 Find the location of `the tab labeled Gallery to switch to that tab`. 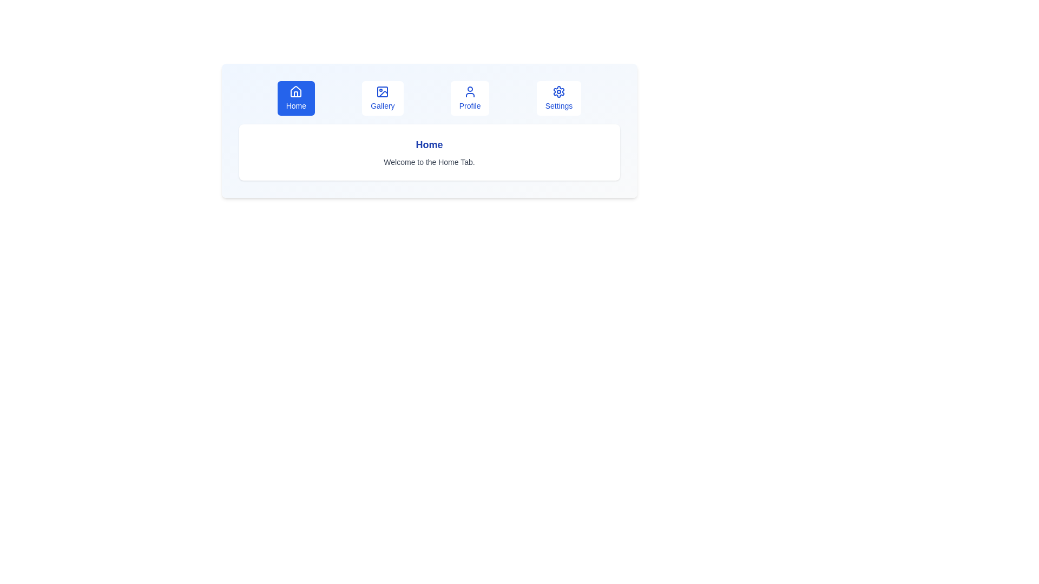

the tab labeled Gallery to switch to that tab is located at coordinates (383, 98).